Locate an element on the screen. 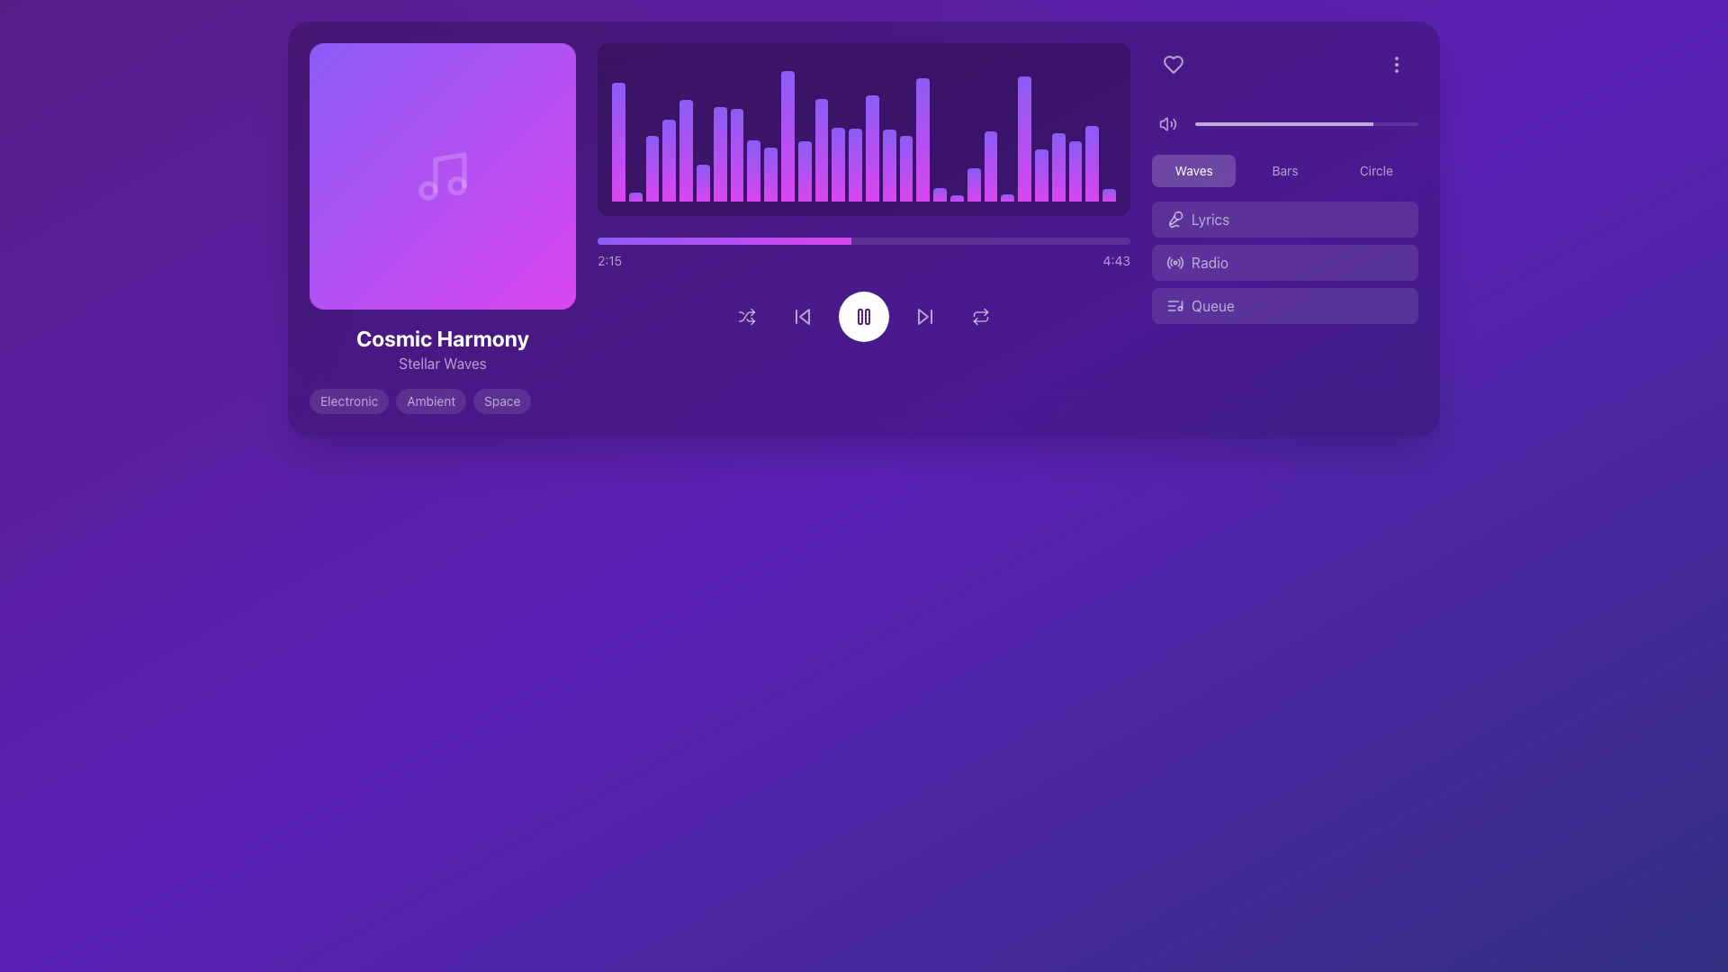 The height and width of the screenshot is (972, 1728). the 15th vertical bar in the music visualization graph that represents audio amplitude or frequency levels is located at coordinates (854, 165).